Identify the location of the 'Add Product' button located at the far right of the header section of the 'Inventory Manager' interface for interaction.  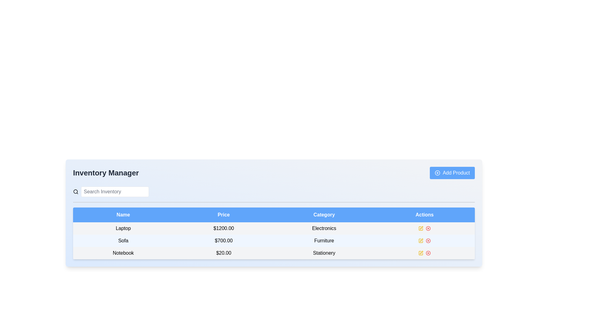
(452, 173).